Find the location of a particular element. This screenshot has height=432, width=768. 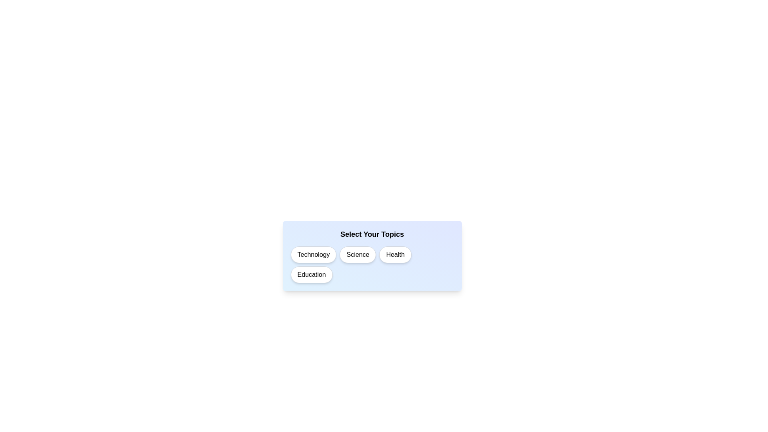

the topic Health to observe its visual feedback is located at coordinates (395, 254).